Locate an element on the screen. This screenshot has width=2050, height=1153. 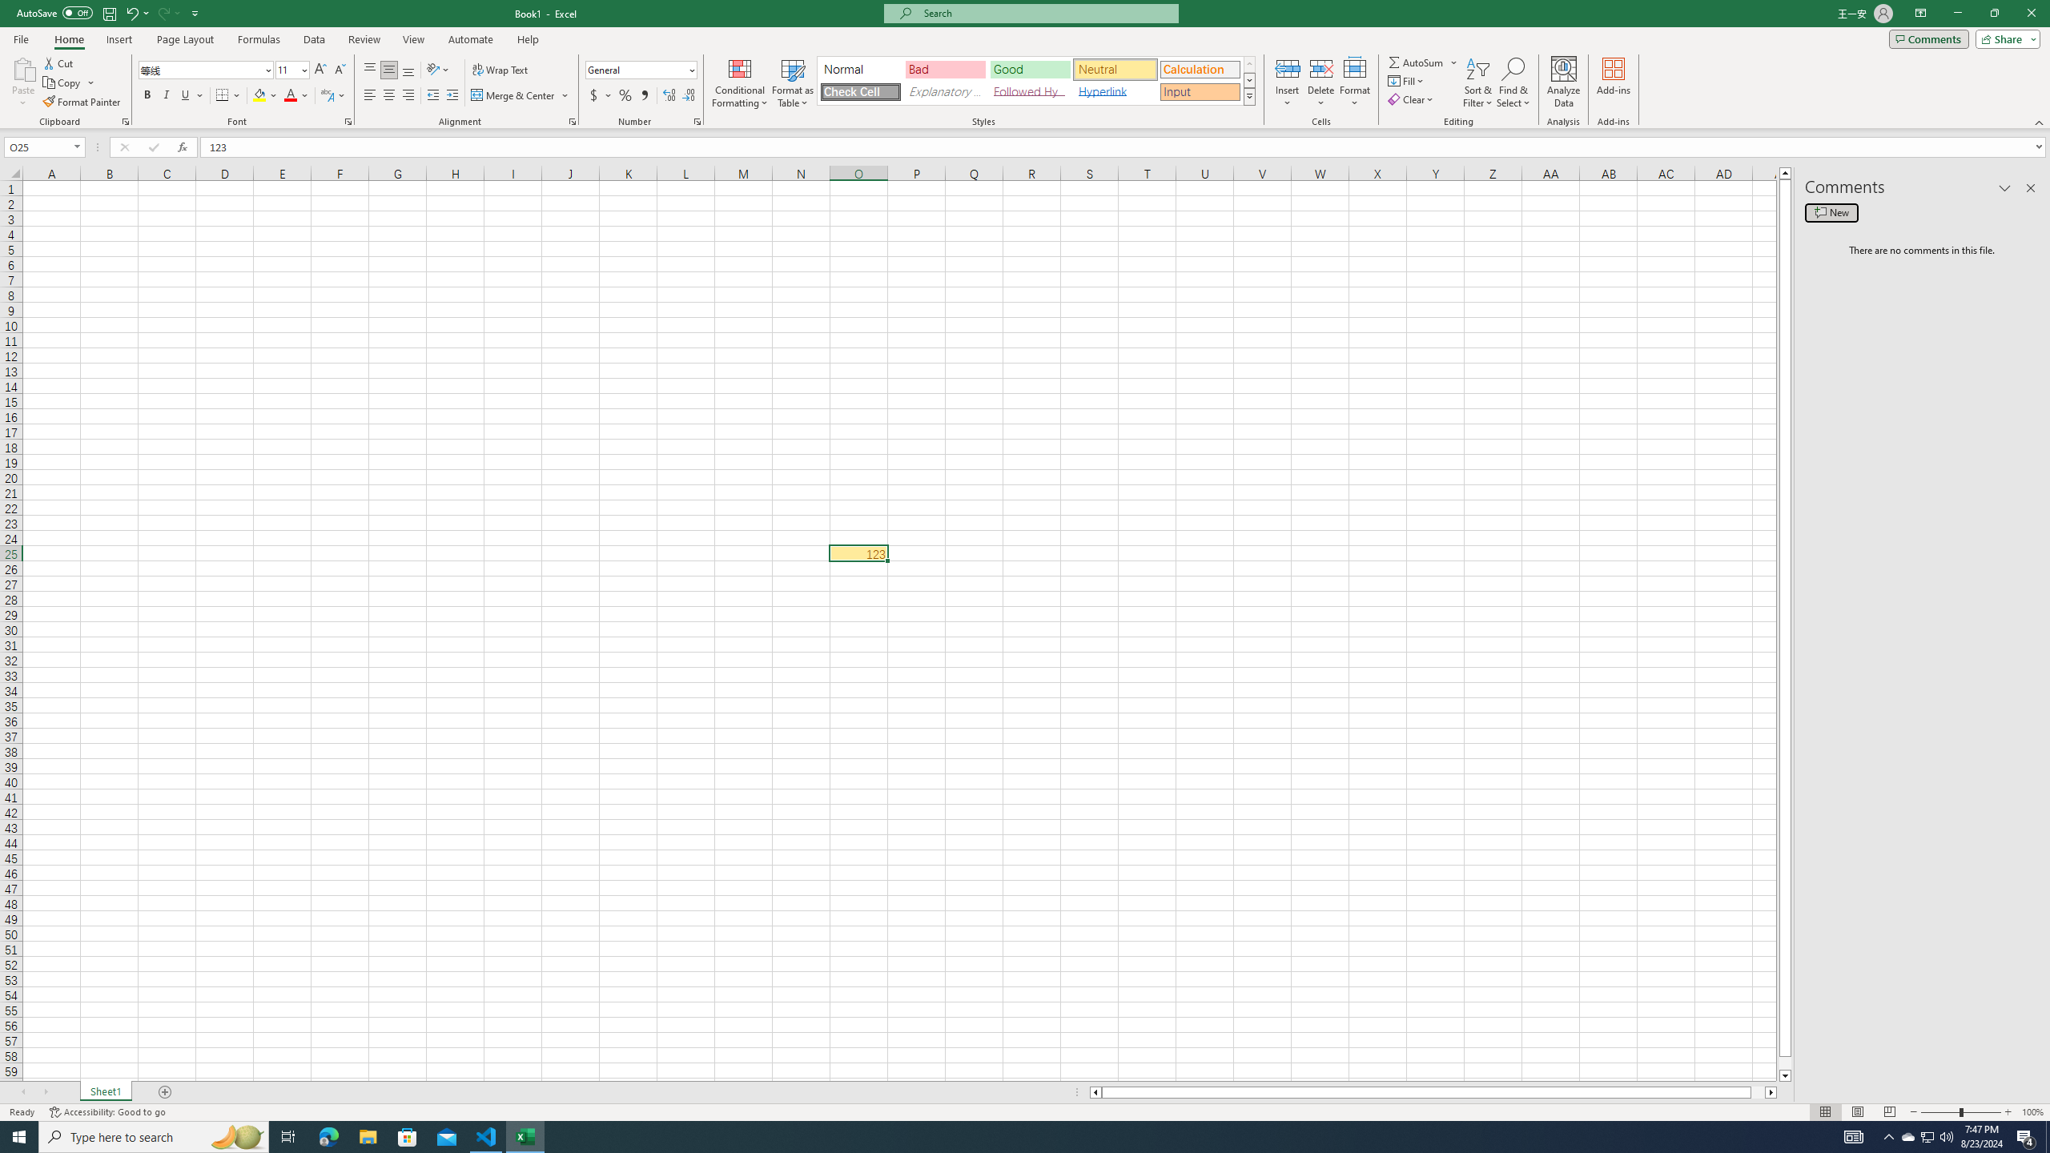
'Bottom Align' is located at coordinates (408, 70).